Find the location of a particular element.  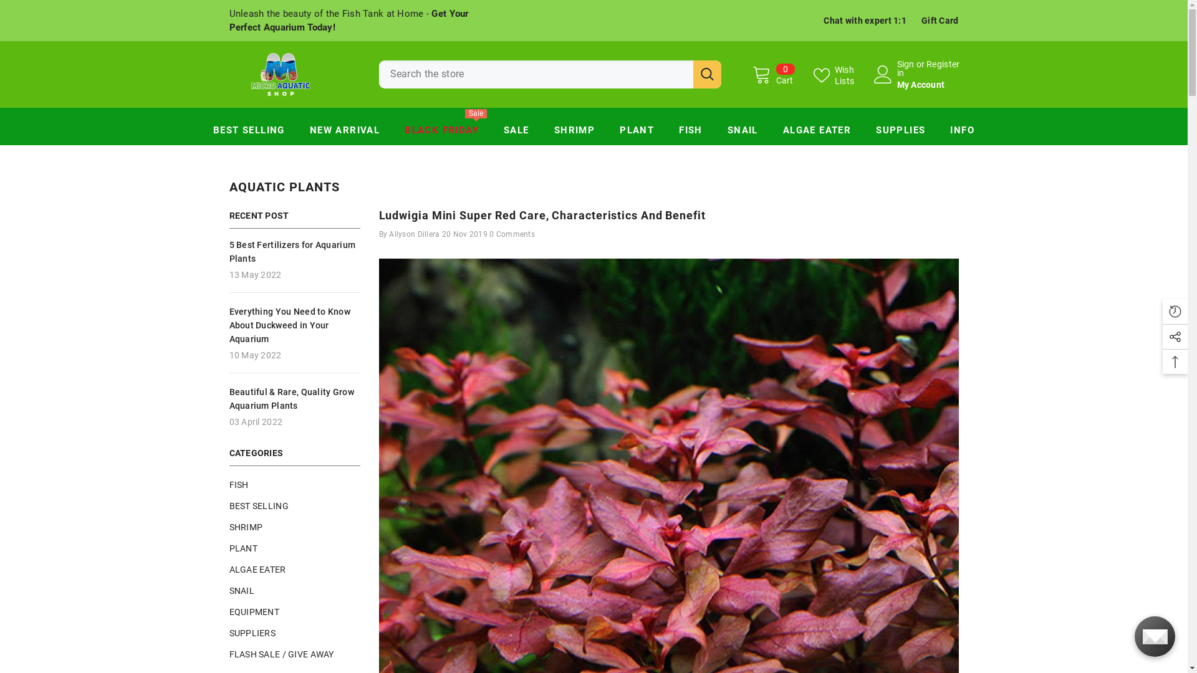

'SUPPLIES' is located at coordinates (900, 133).